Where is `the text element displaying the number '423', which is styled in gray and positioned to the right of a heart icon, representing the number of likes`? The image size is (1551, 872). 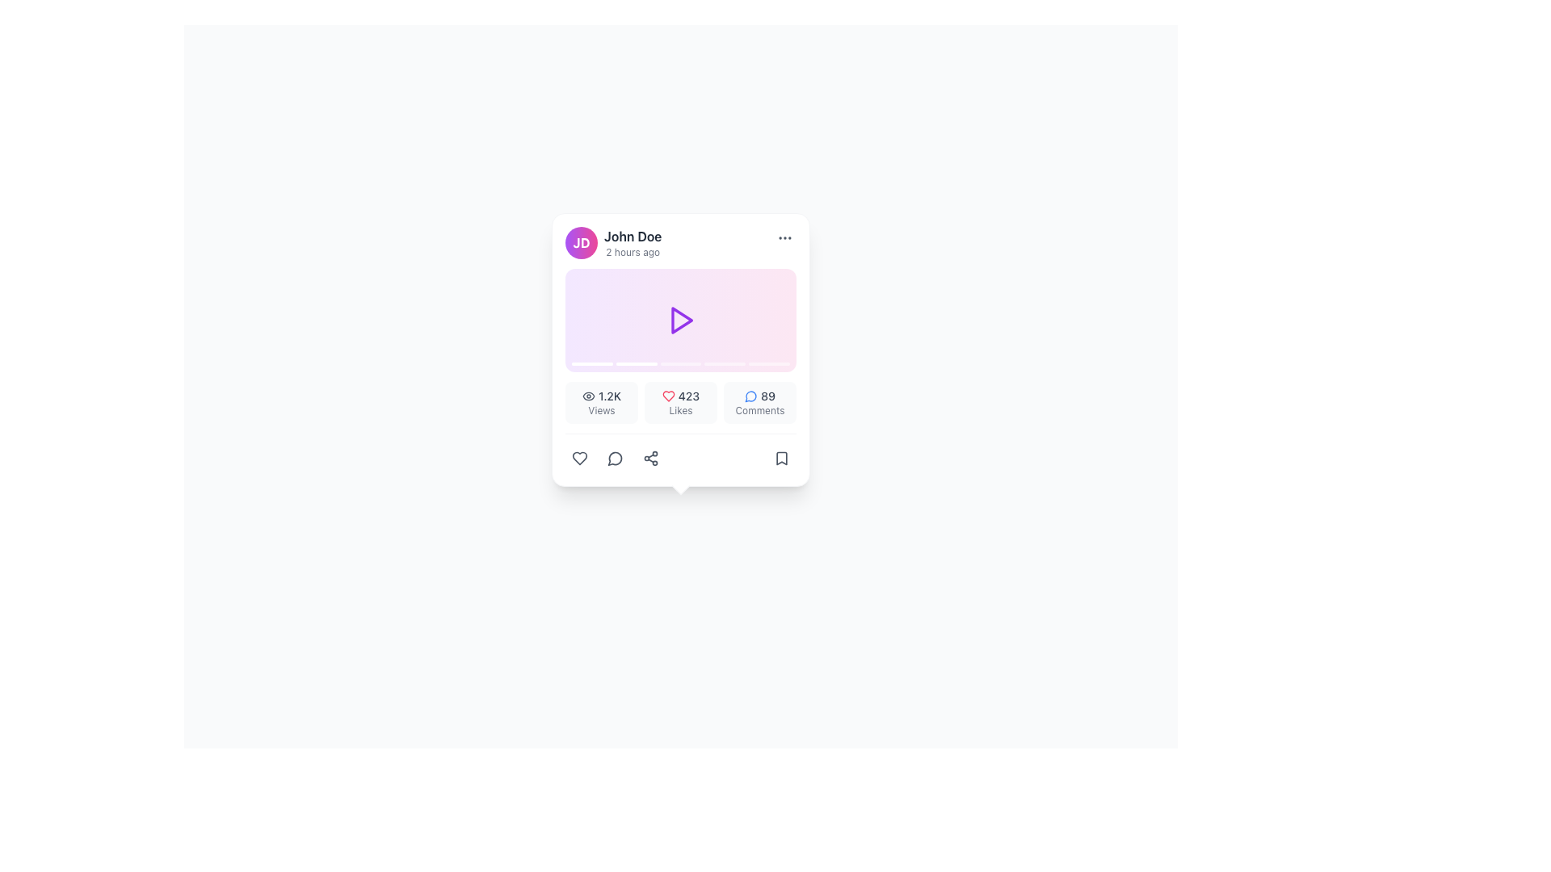
the text element displaying the number '423', which is styled in gray and positioned to the right of a heart icon, representing the number of likes is located at coordinates (689, 396).